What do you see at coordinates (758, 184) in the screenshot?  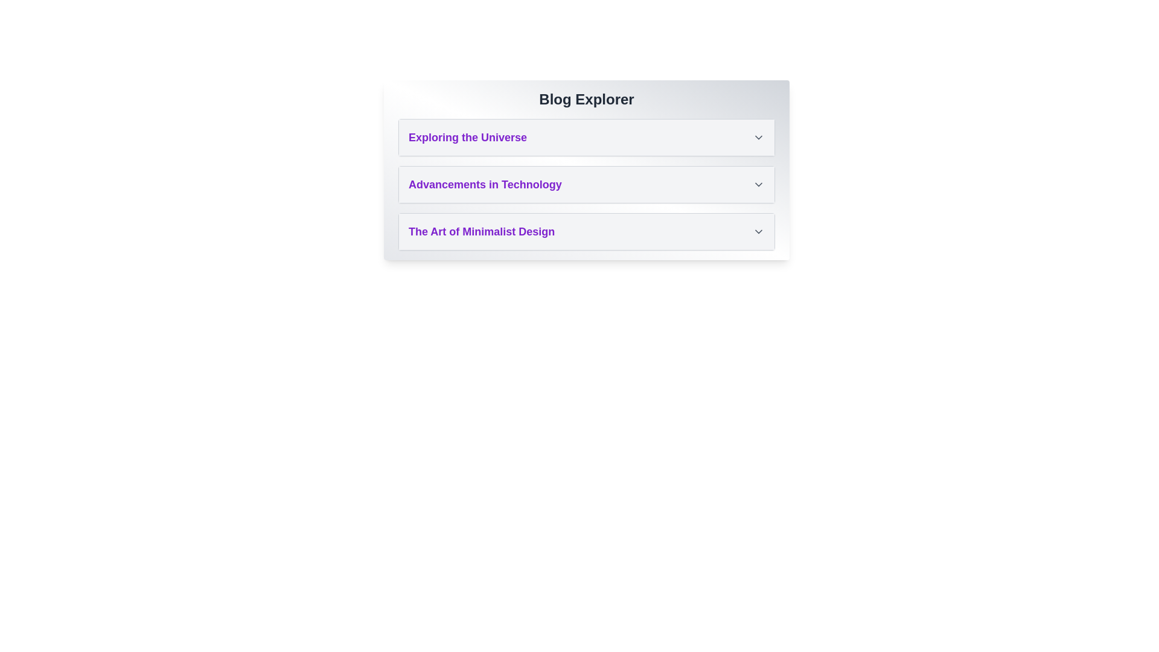 I see `the downward-pointing chevron icon styled in light gray, located on the right side of the 'Advancements in Technology' section in the 'Blog Explorer' menu` at bounding box center [758, 184].